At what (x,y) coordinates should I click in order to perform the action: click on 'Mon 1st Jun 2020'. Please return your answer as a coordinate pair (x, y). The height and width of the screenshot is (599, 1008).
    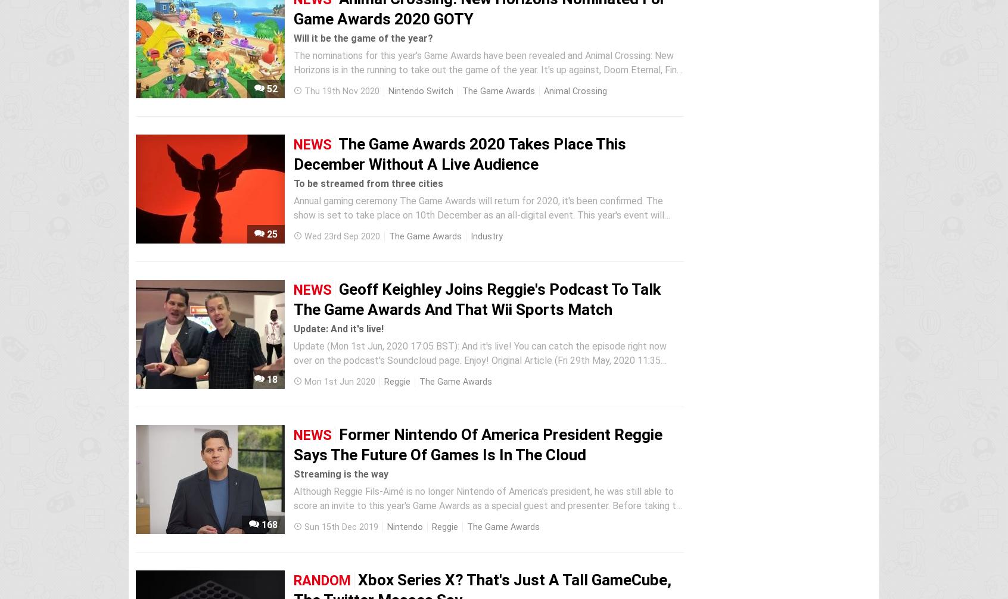
    Looking at the image, I should click on (339, 382).